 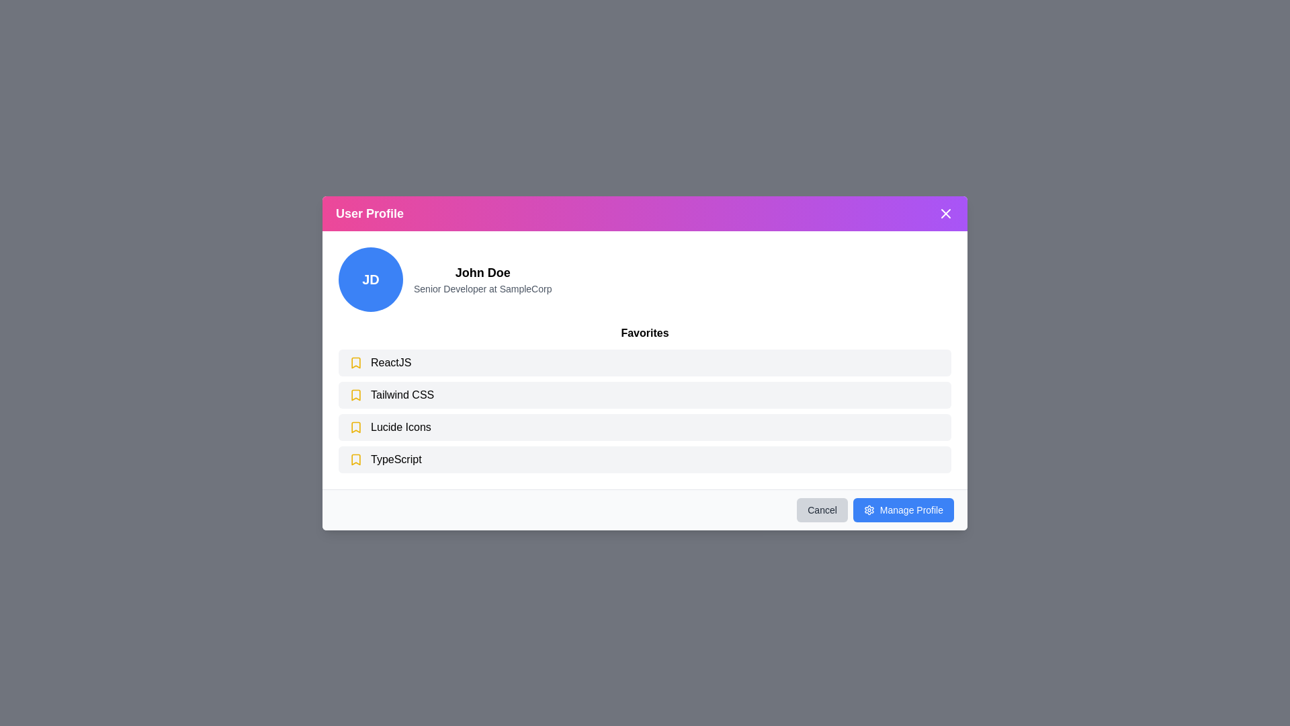 I want to click on the X-close icon located in the top-right corner of the modal dialog beside the 'User Profile' title to potentially display a tooltip, so click(x=945, y=212).